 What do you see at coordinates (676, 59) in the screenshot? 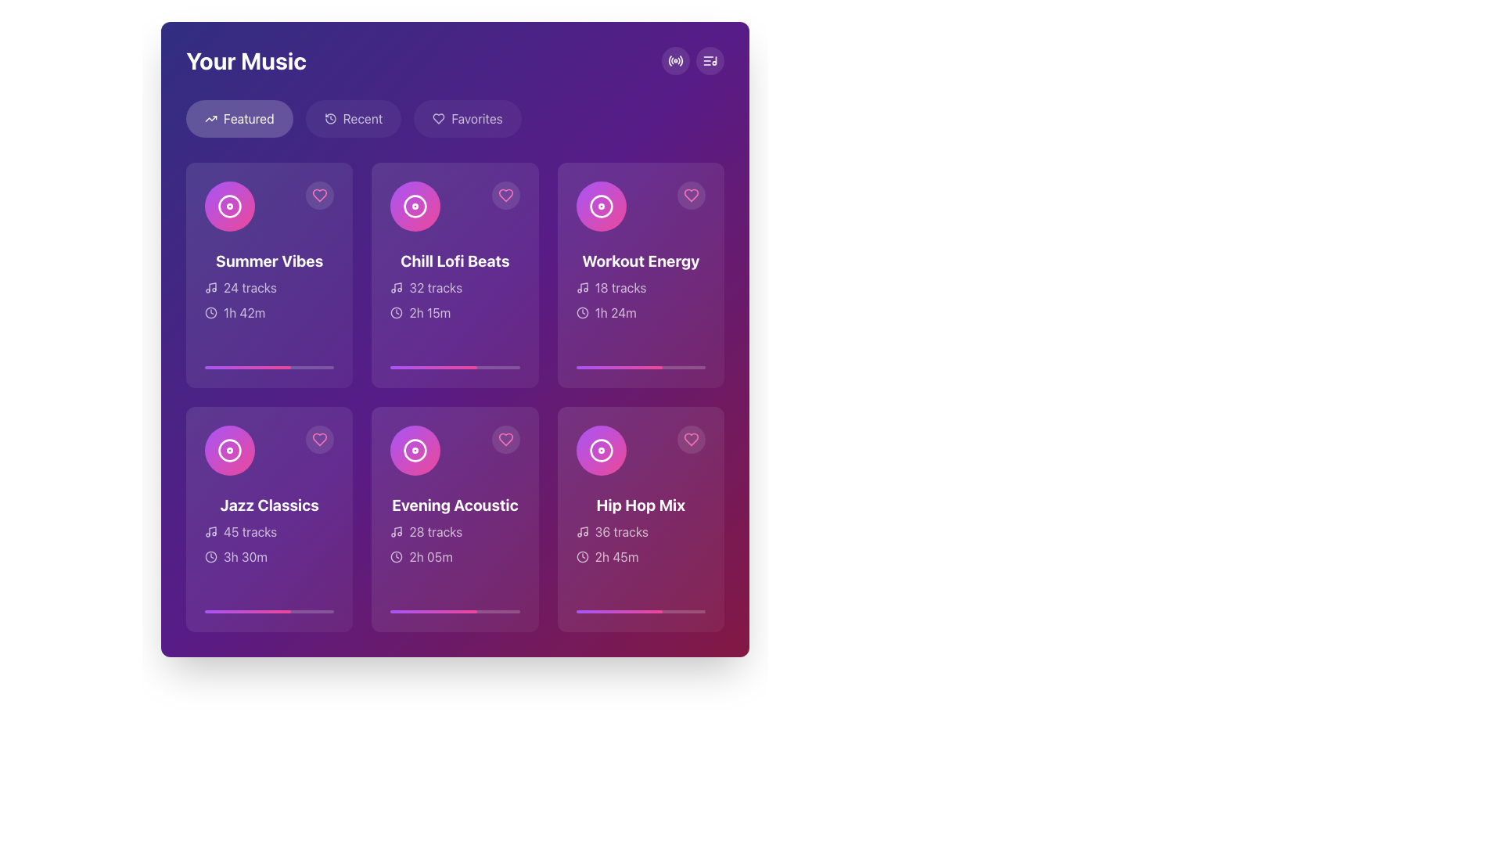
I see `the circular button with a radio-like signal icon located in the top-right corner of the interface` at bounding box center [676, 59].